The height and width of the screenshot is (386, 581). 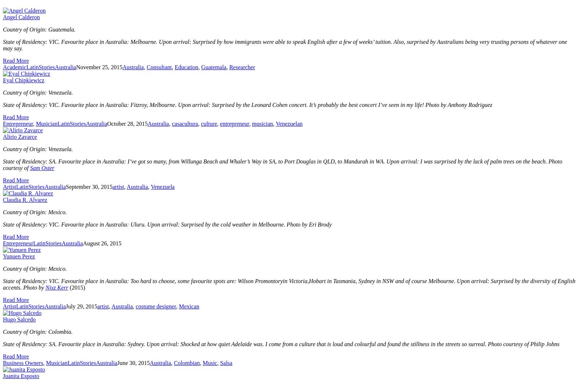 What do you see at coordinates (81, 306) in the screenshot?
I see `'July 29, 2015'` at bounding box center [81, 306].